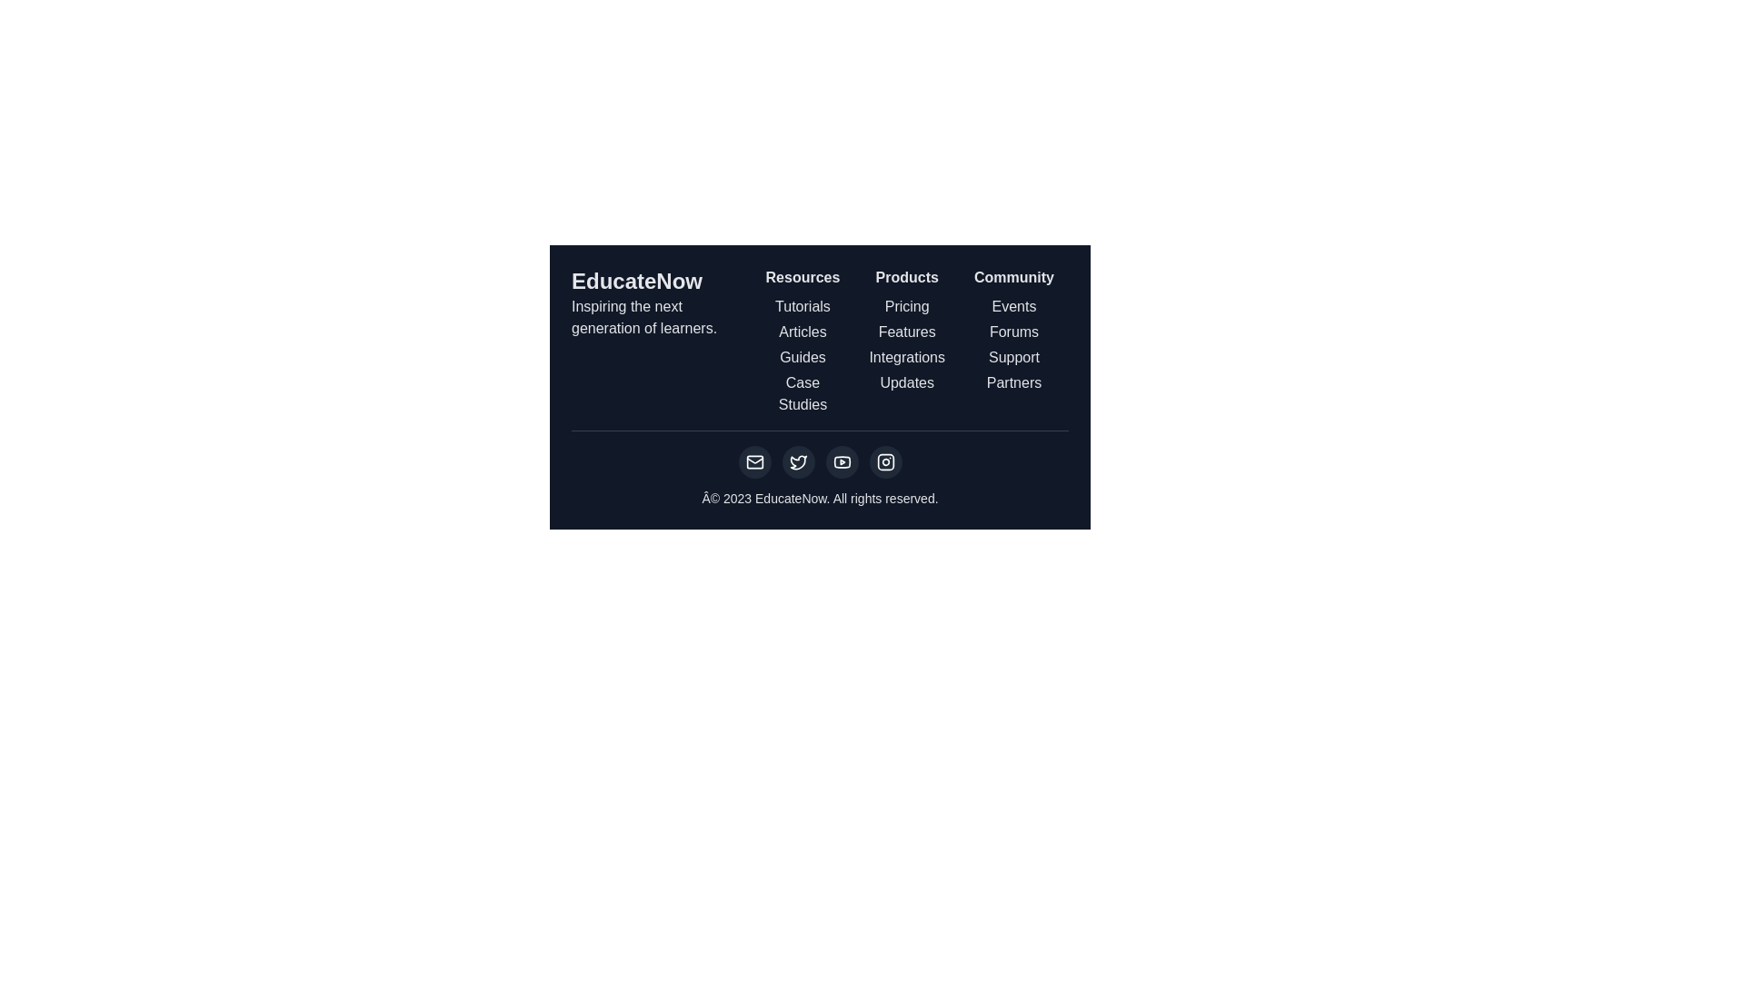 This screenshot has width=1745, height=981. What do you see at coordinates (754, 461) in the screenshot?
I see `the rectangular Graphical Icon Component that is centrally positioned within the envelope-shaped icon in the footer area` at bounding box center [754, 461].